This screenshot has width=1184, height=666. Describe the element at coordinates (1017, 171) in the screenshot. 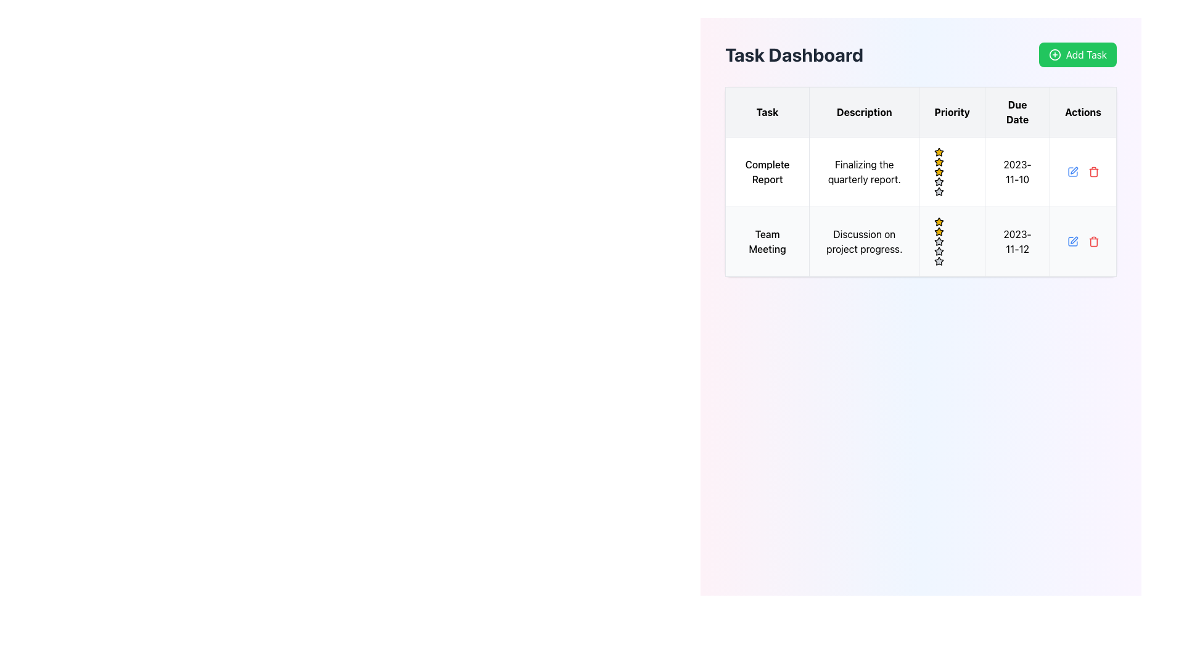

I see `the Text Display element that shows the due date '2023-11-10', which is styled with centered black text on a white background and is positioned in the 'Due Date' column of the first row in a table layout, between the 'Priority' stars and the 'Actions' icons` at that location.